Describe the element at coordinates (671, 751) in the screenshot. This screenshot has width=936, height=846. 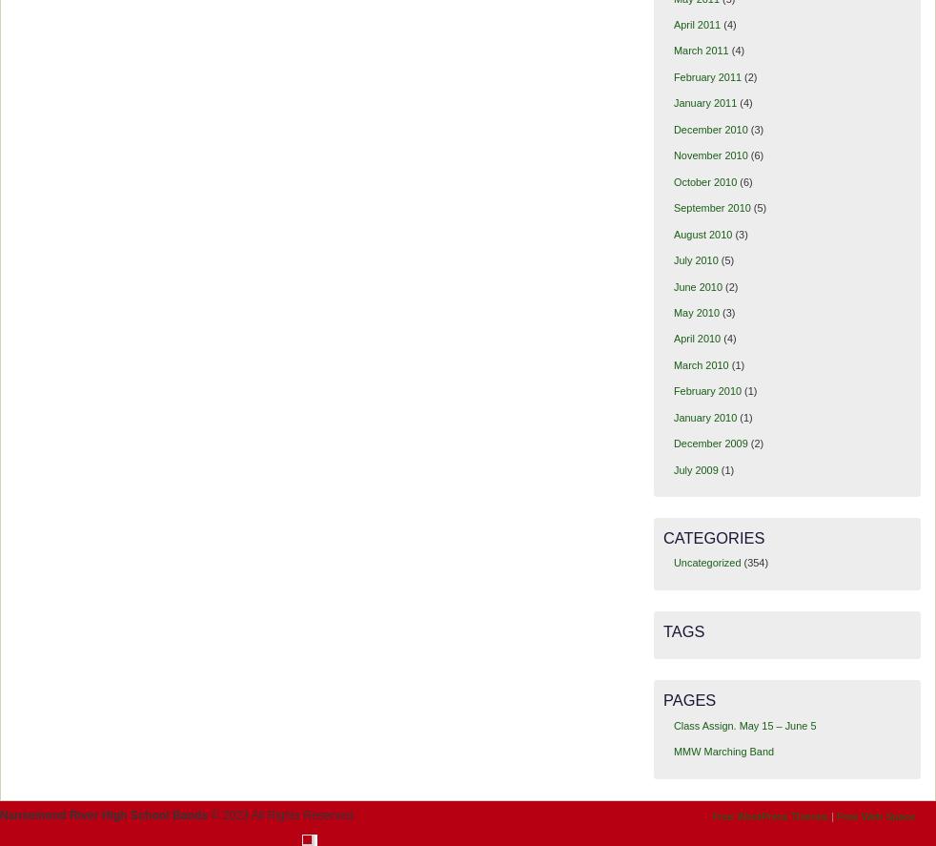
I see `'MMW Marching Band'` at that location.